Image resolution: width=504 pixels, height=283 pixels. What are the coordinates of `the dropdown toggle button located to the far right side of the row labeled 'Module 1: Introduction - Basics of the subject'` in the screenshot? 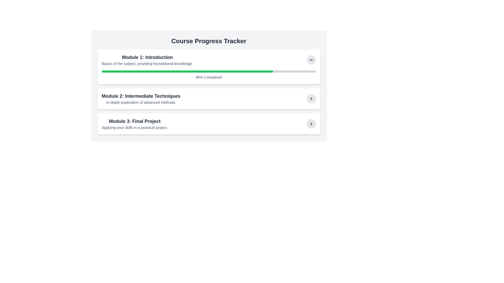 It's located at (311, 59).